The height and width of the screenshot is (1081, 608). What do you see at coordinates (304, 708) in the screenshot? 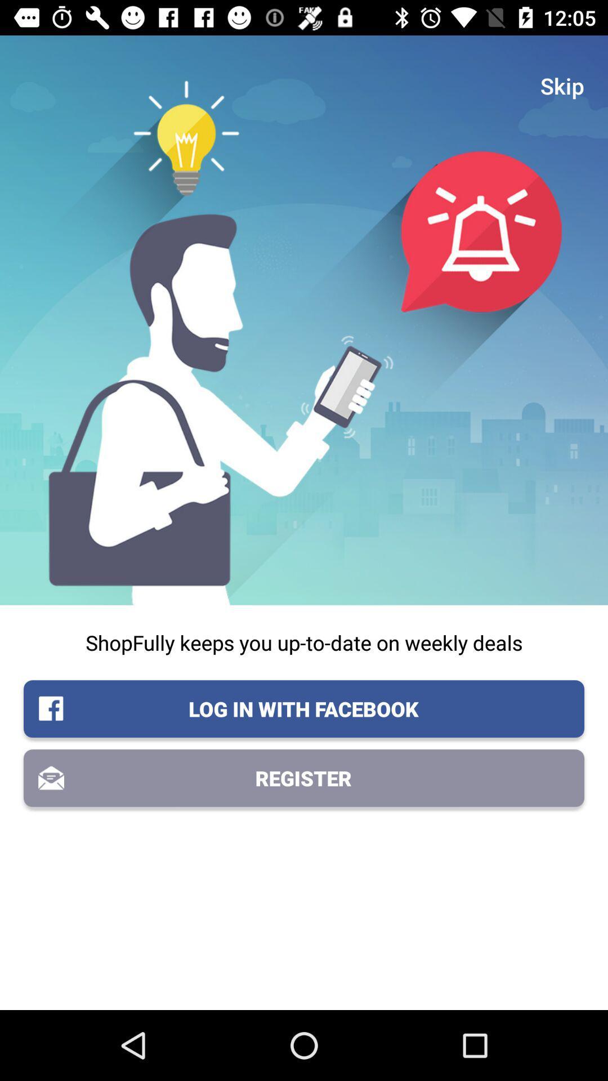
I see `the icon below the shopfully keeps you icon` at bounding box center [304, 708].